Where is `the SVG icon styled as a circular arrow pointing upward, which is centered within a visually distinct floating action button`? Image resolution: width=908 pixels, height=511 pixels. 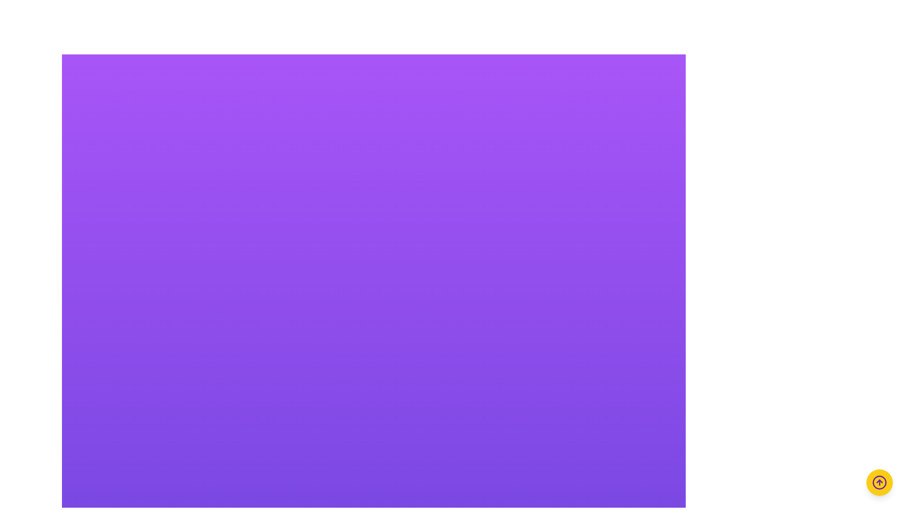 the SVG icon styled as a circular arrow pointing upward, which is centered within a visually distinct floating action button is located at coordinates (879, 482).